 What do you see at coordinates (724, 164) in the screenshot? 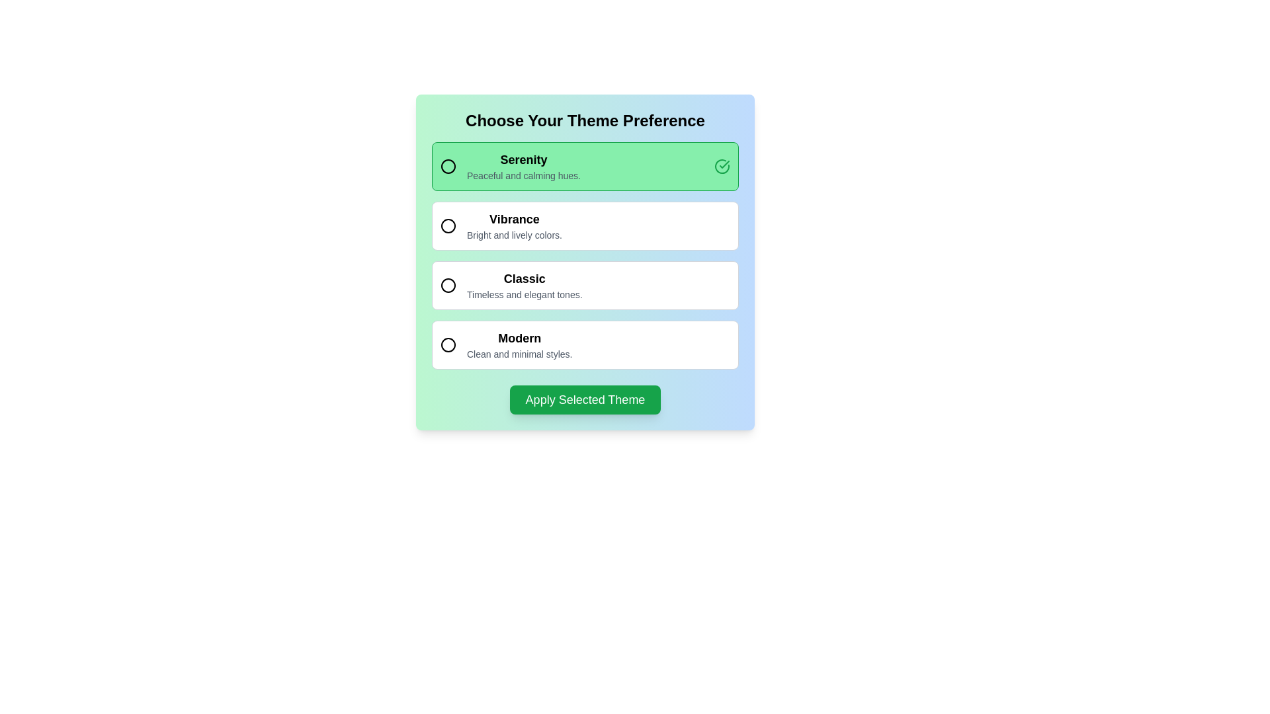
I see `the small green check mark icon located in the top-right corner of the 'Serenity' theme selection box` at bounding box center [724, 164].